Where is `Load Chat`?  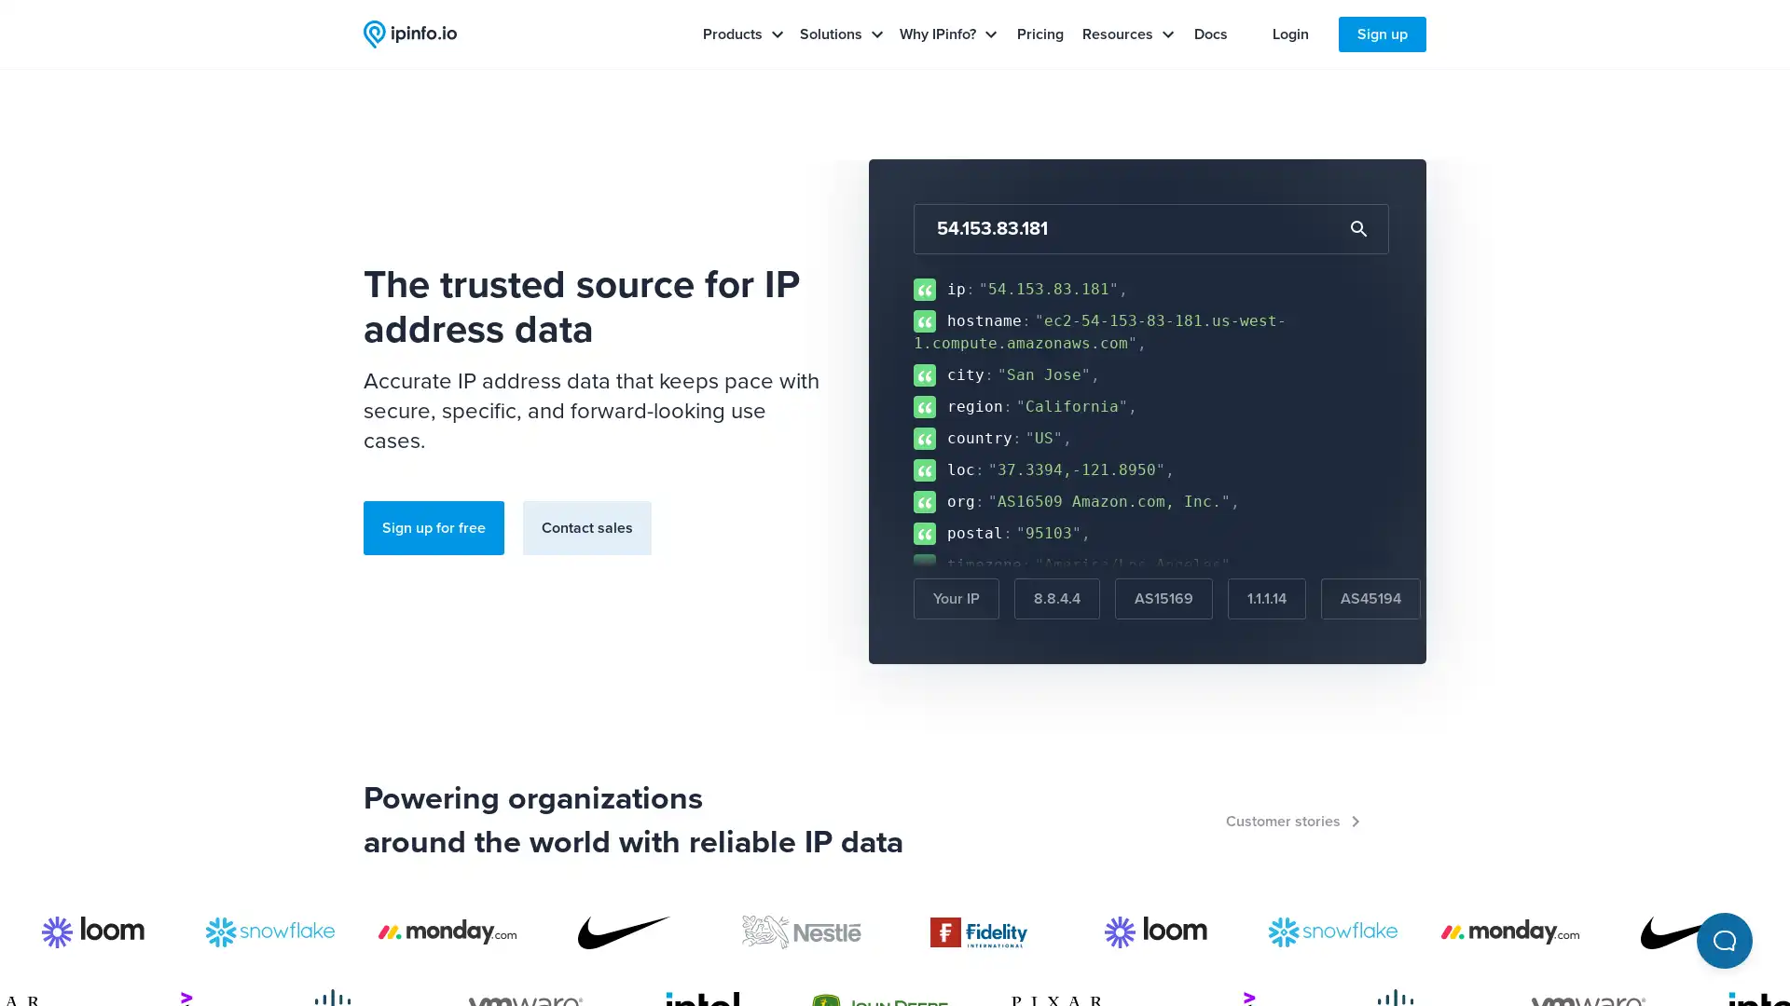
Load Chat is located at coordinates (1723, 941).